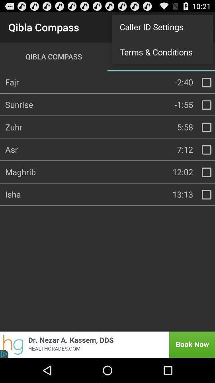  Describe the element at coordinates (206, 127) in the screenshot. I see `option` at that location.